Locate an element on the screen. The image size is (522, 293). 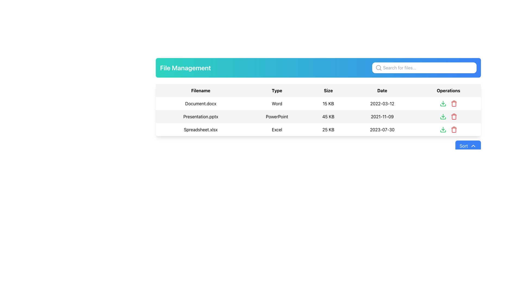
the green download icon button located in the second row of the 'Operations' column to initiate download is located at coordinates (443, 116).